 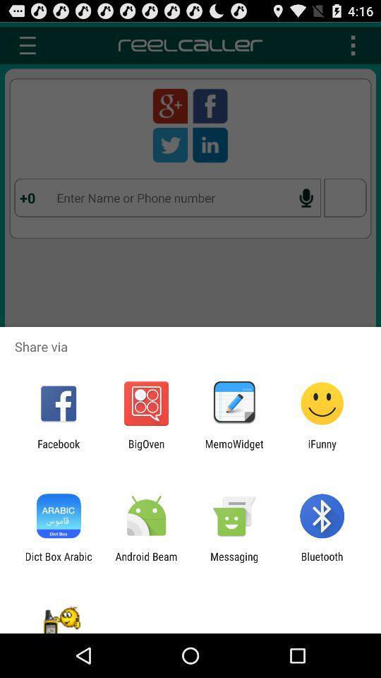 What do you see at coordinates (145, 449) in the screenshot?
I see `the bigoven` at bounding box center [145, 449].